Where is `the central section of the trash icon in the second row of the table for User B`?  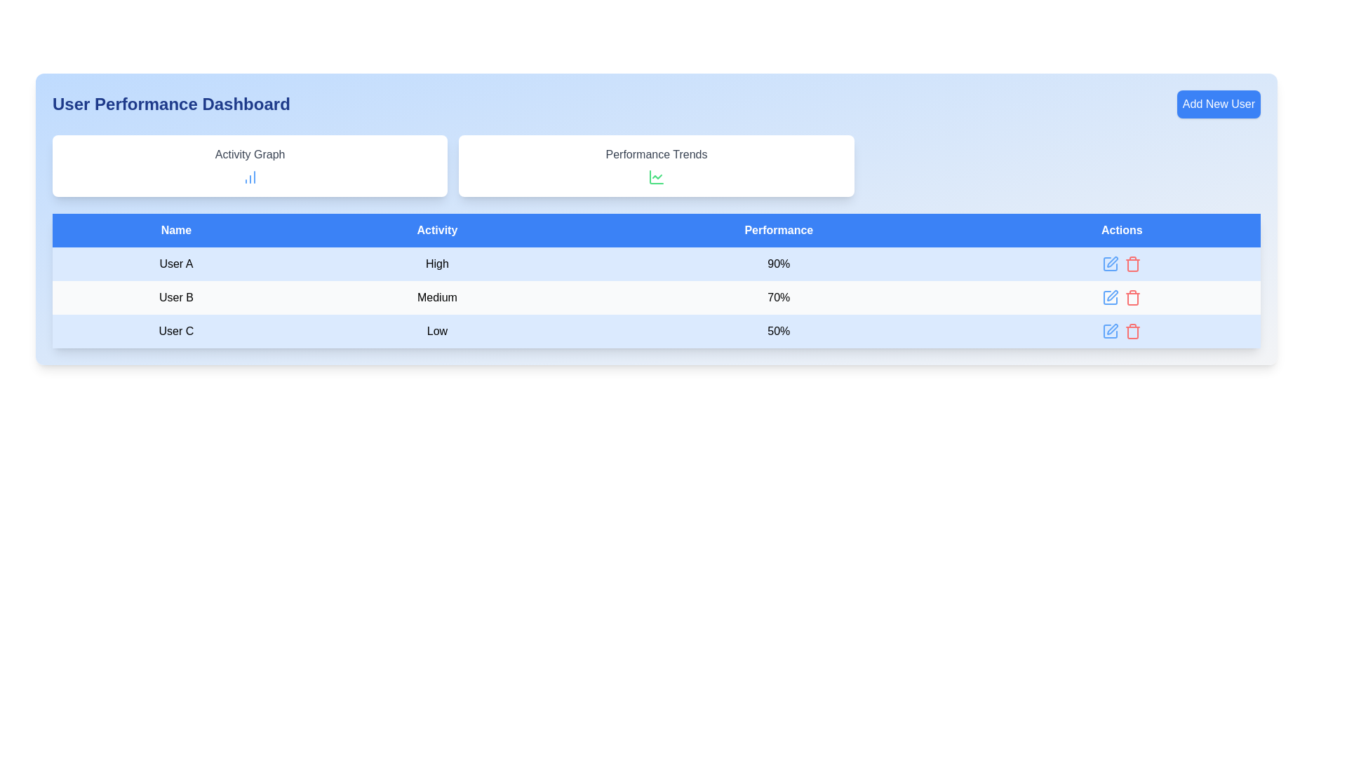
the central section of the trash icon in the second row of the table for User B is located at coordinates (1133, 265).